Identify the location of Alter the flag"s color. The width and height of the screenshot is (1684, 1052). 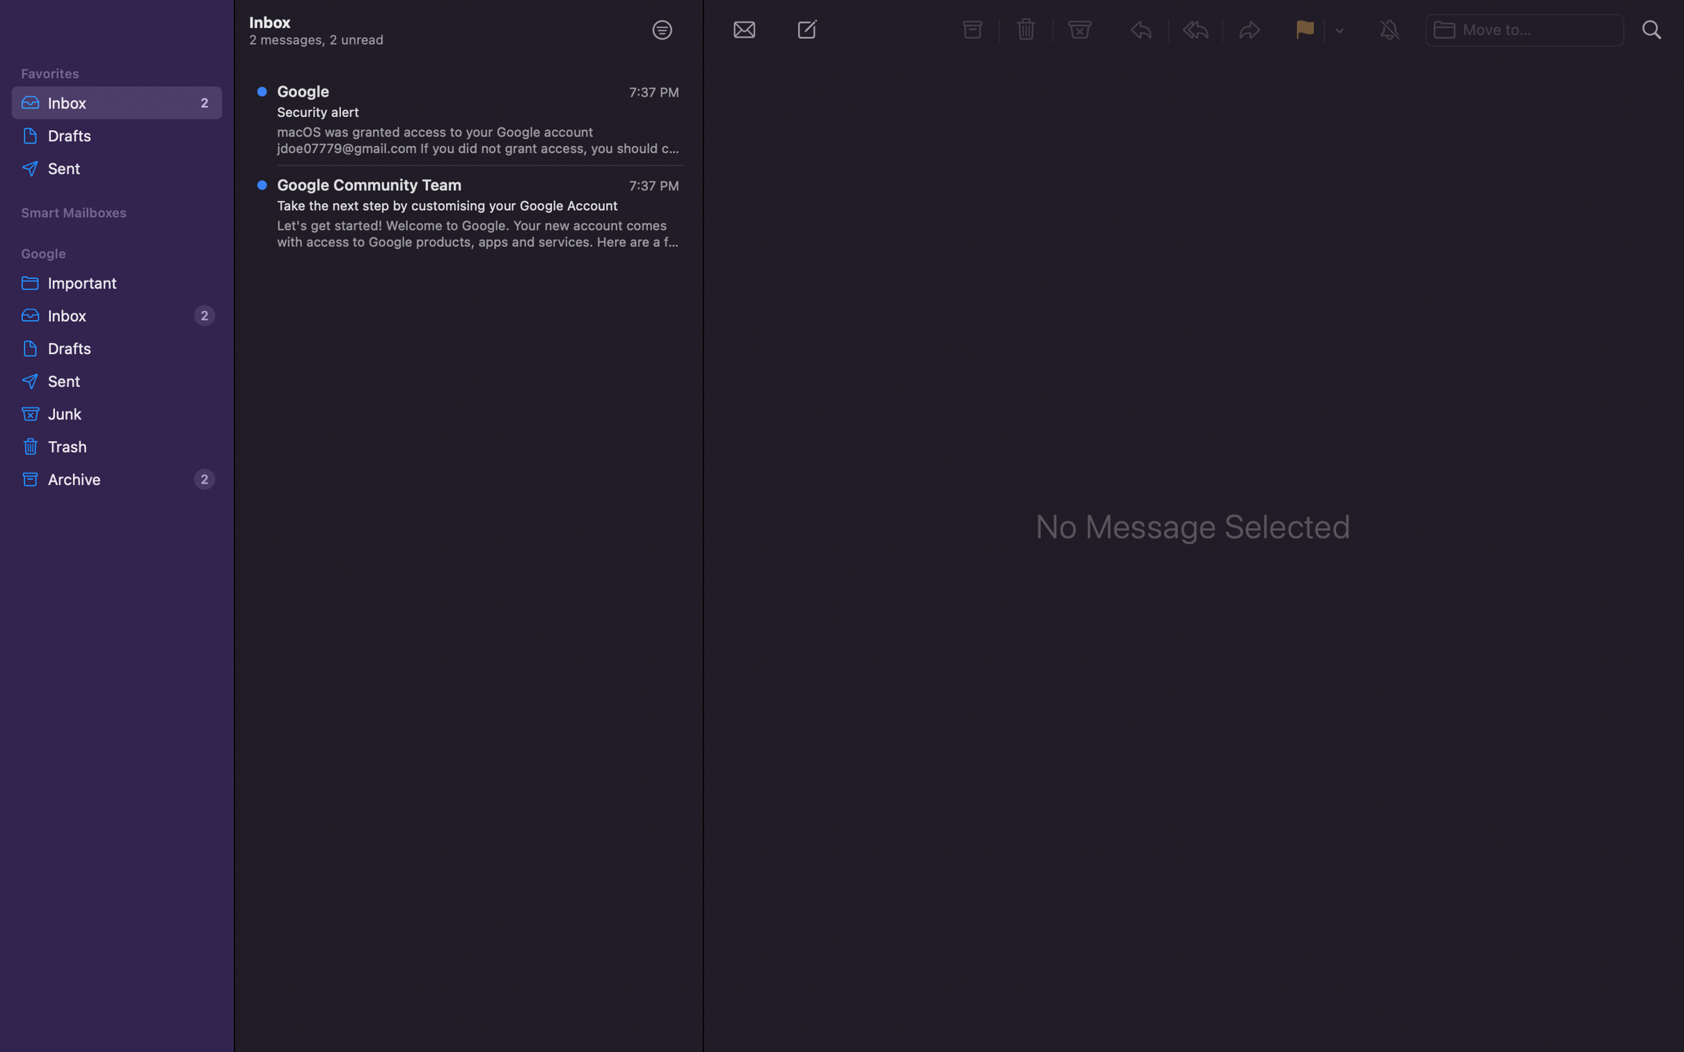
(1338, 31).